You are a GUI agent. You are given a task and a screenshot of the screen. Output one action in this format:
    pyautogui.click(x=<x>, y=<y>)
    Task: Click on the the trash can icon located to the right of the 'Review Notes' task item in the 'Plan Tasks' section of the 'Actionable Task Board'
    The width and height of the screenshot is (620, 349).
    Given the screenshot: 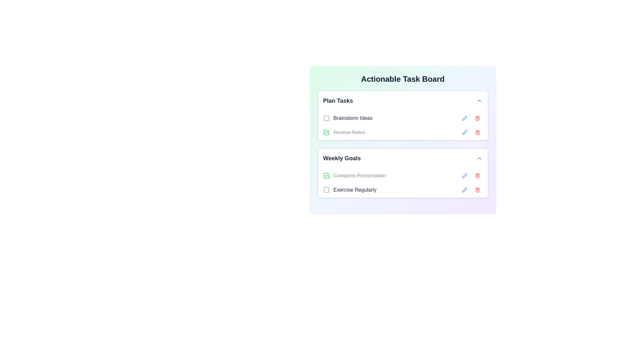 What is the action you would take?
    pyautogui.click(x=477, y=118)
    